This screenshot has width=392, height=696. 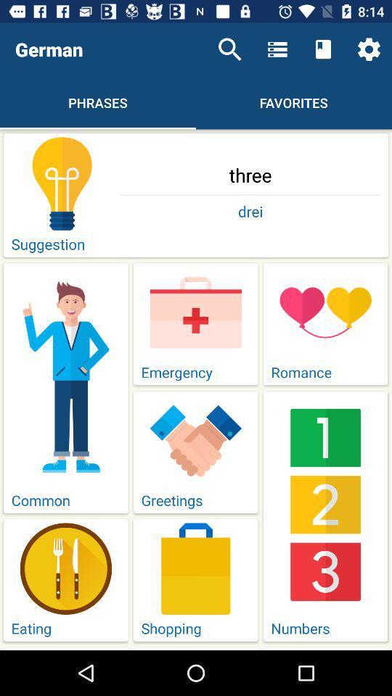 I want to click on the item next to german, so click(x=229, y=49).